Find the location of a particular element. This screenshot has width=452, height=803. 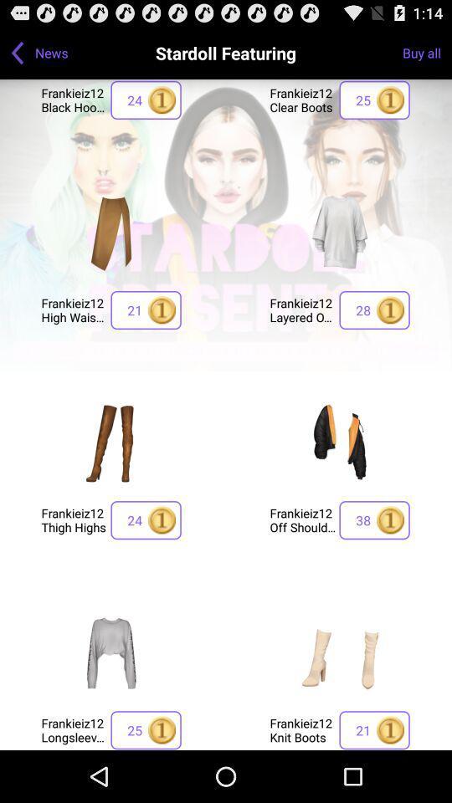

the frankieiz12 thigh highs is located at coordinates (73, 519).